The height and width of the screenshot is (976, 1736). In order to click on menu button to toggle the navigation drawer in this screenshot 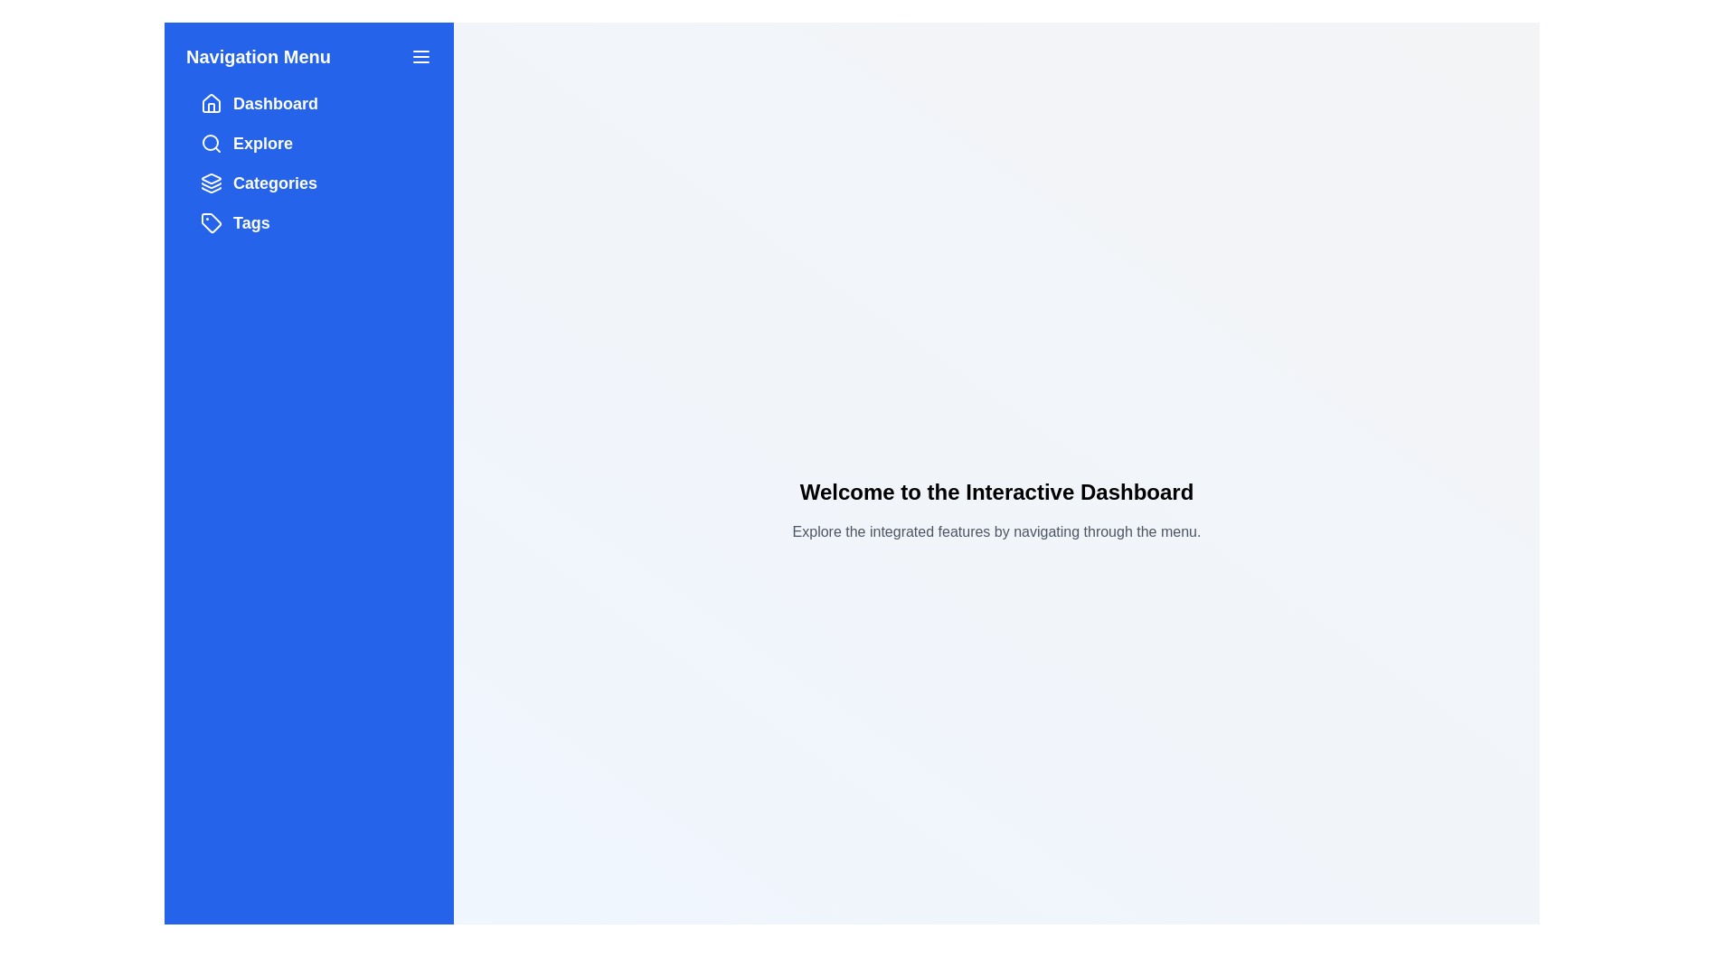, I will do `click(420, 55)`.